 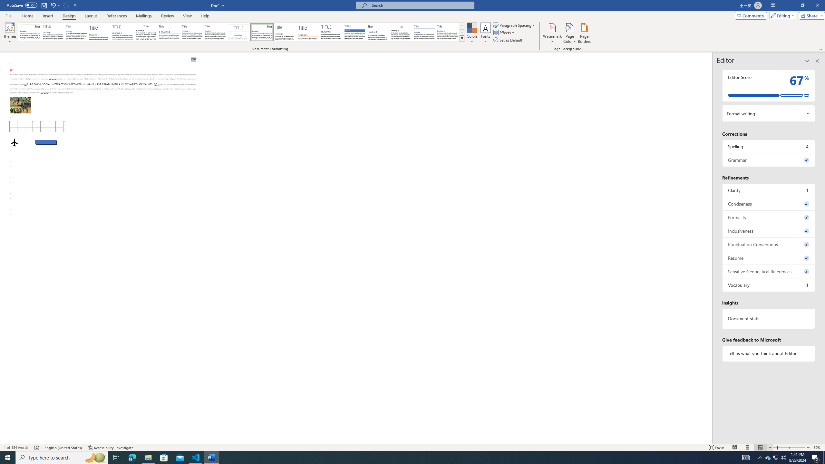 I want to click on 'Row up', so click(x=461, y=26).